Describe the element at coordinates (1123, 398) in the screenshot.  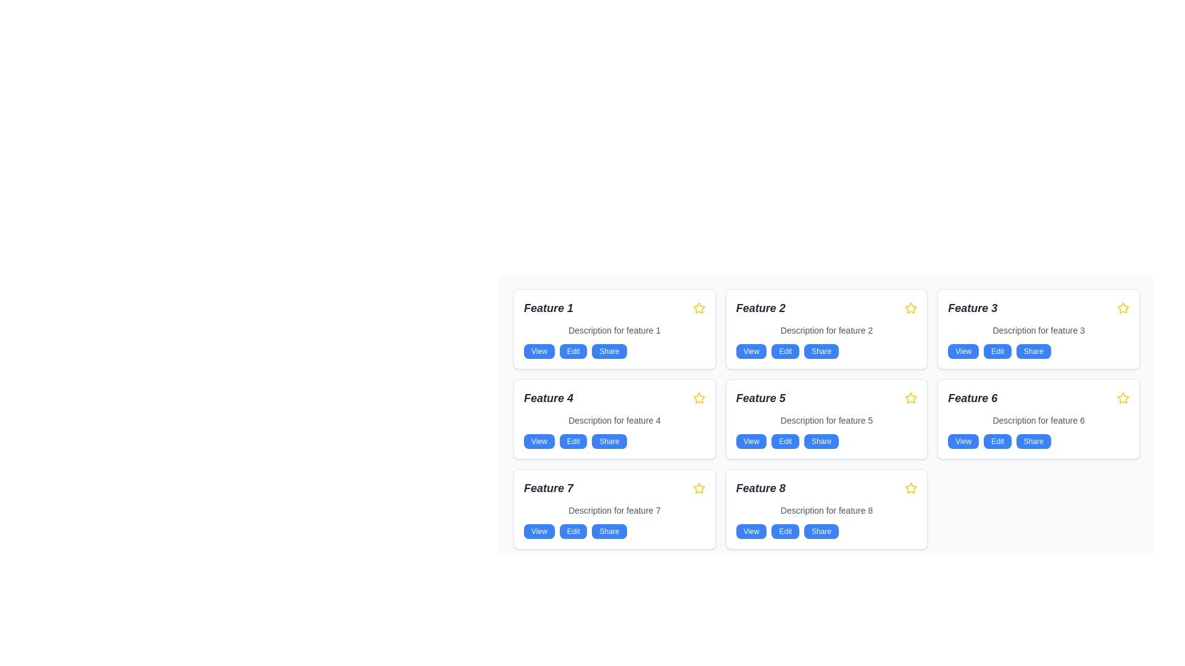
I see `the star icon button located at the far-right side of the row labeled 'Feature 6'` at that location.